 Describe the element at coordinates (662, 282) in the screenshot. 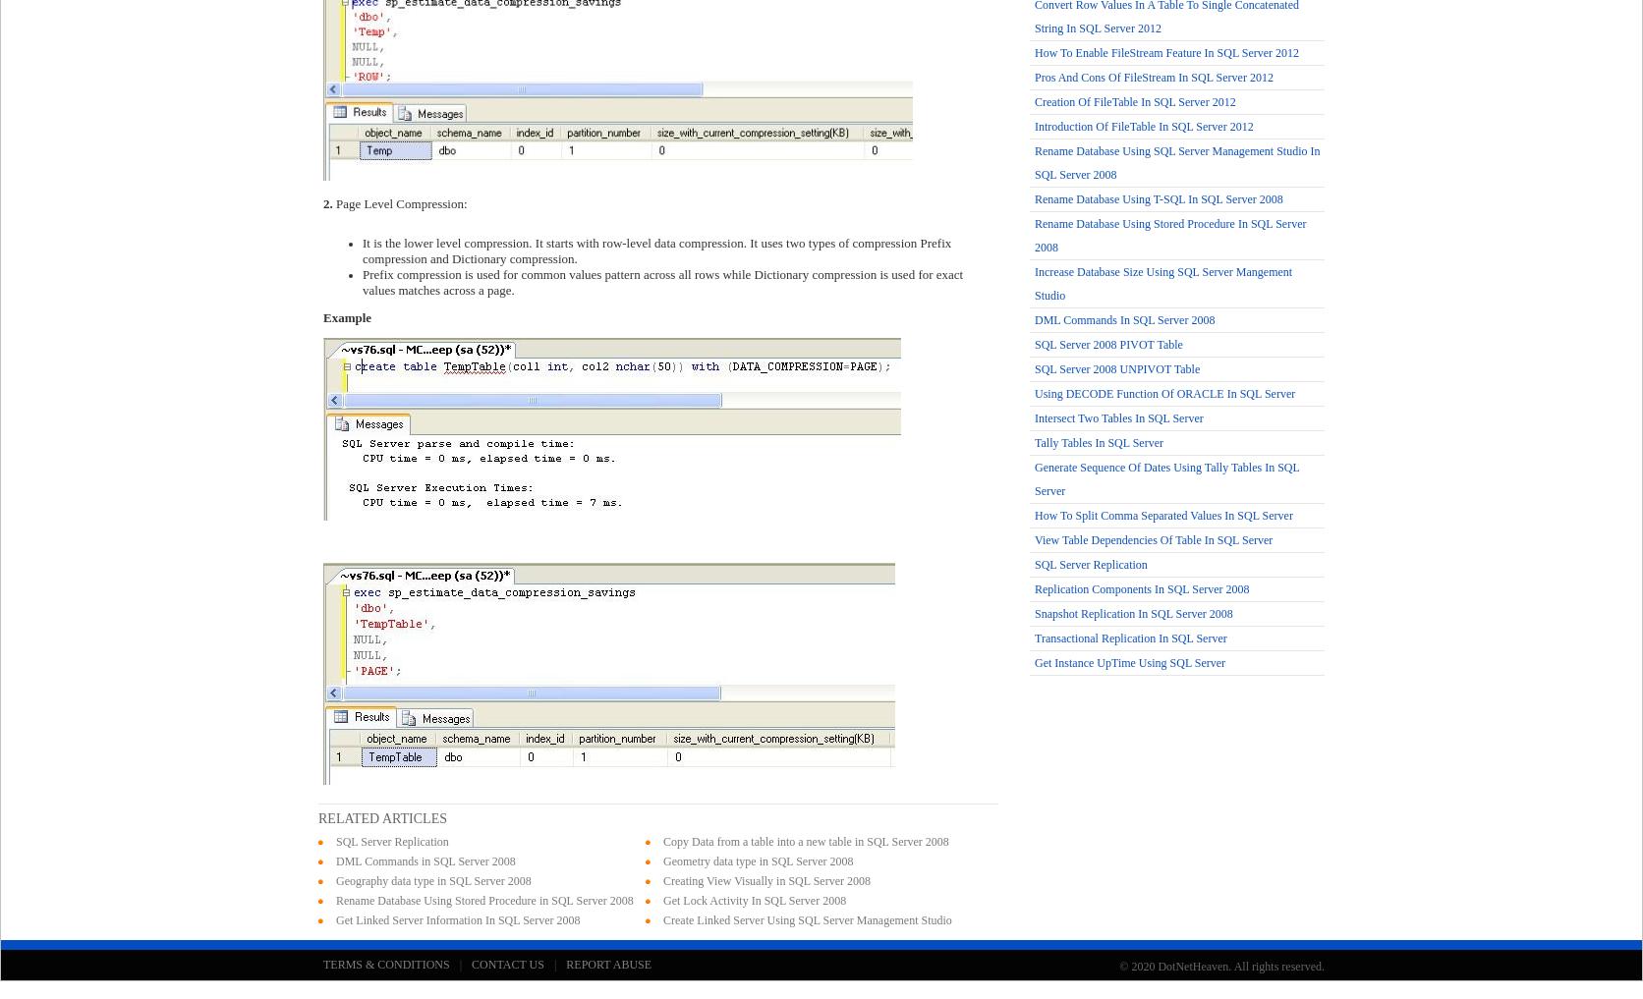

I see `'Prefix compression is used for common values pattern across all rows while Dictionary compression is used for exact values matches across a page.'` at that location.